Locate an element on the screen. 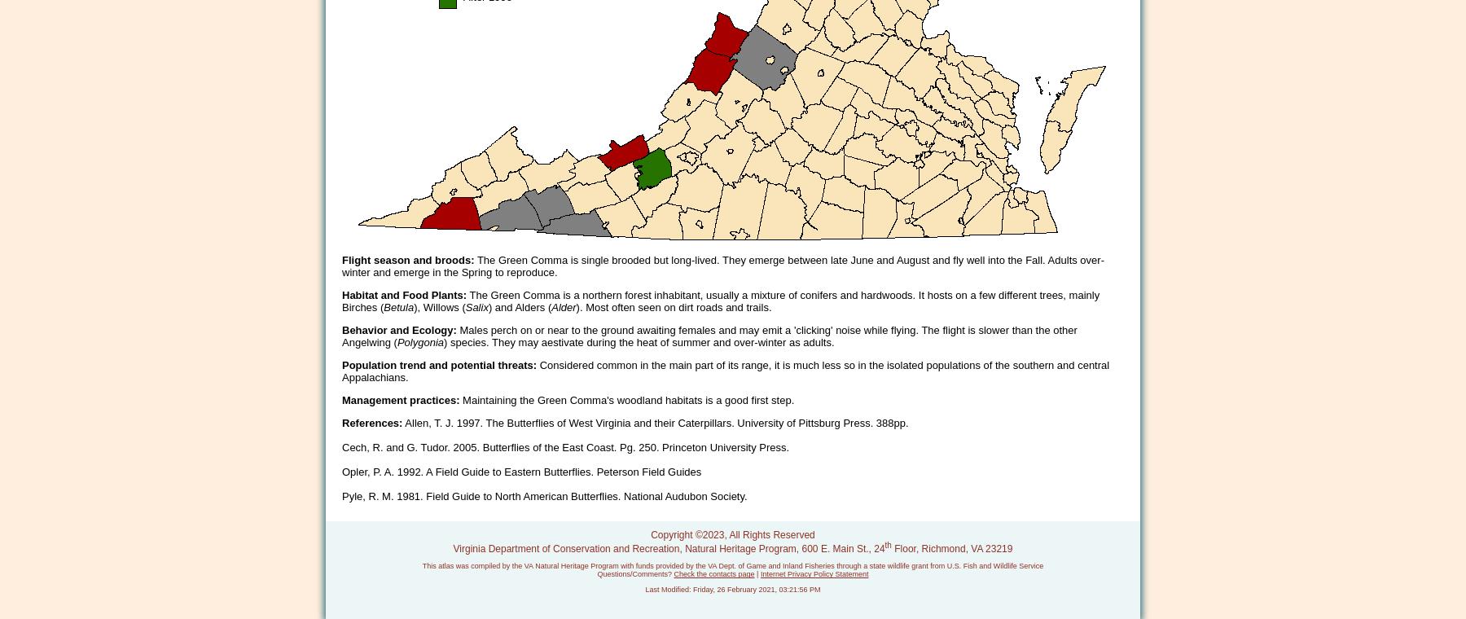 This screenshot has width=1466, height=619. 'Management practices:' is located at coordinates (399, 400).